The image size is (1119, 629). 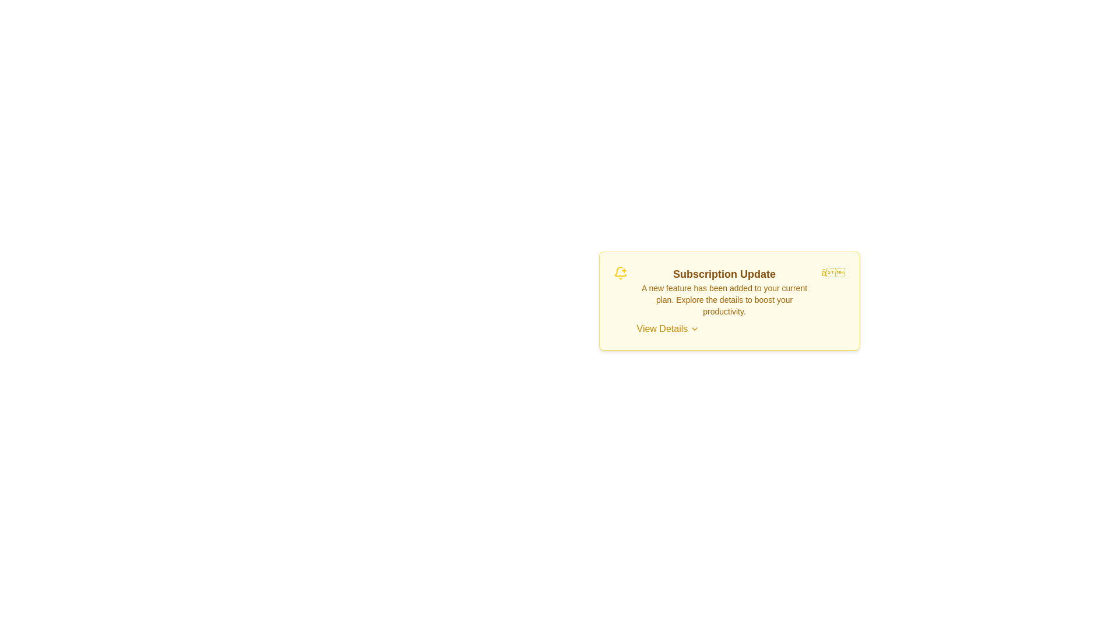 I want to click on the notification area to observe hover effects, so click(x=729, y=300).